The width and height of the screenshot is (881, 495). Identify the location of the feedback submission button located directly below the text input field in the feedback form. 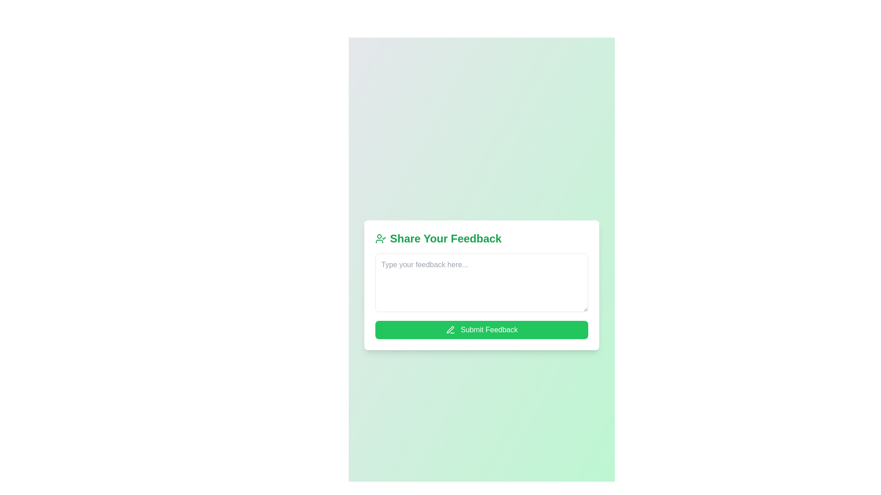
(481, 329).